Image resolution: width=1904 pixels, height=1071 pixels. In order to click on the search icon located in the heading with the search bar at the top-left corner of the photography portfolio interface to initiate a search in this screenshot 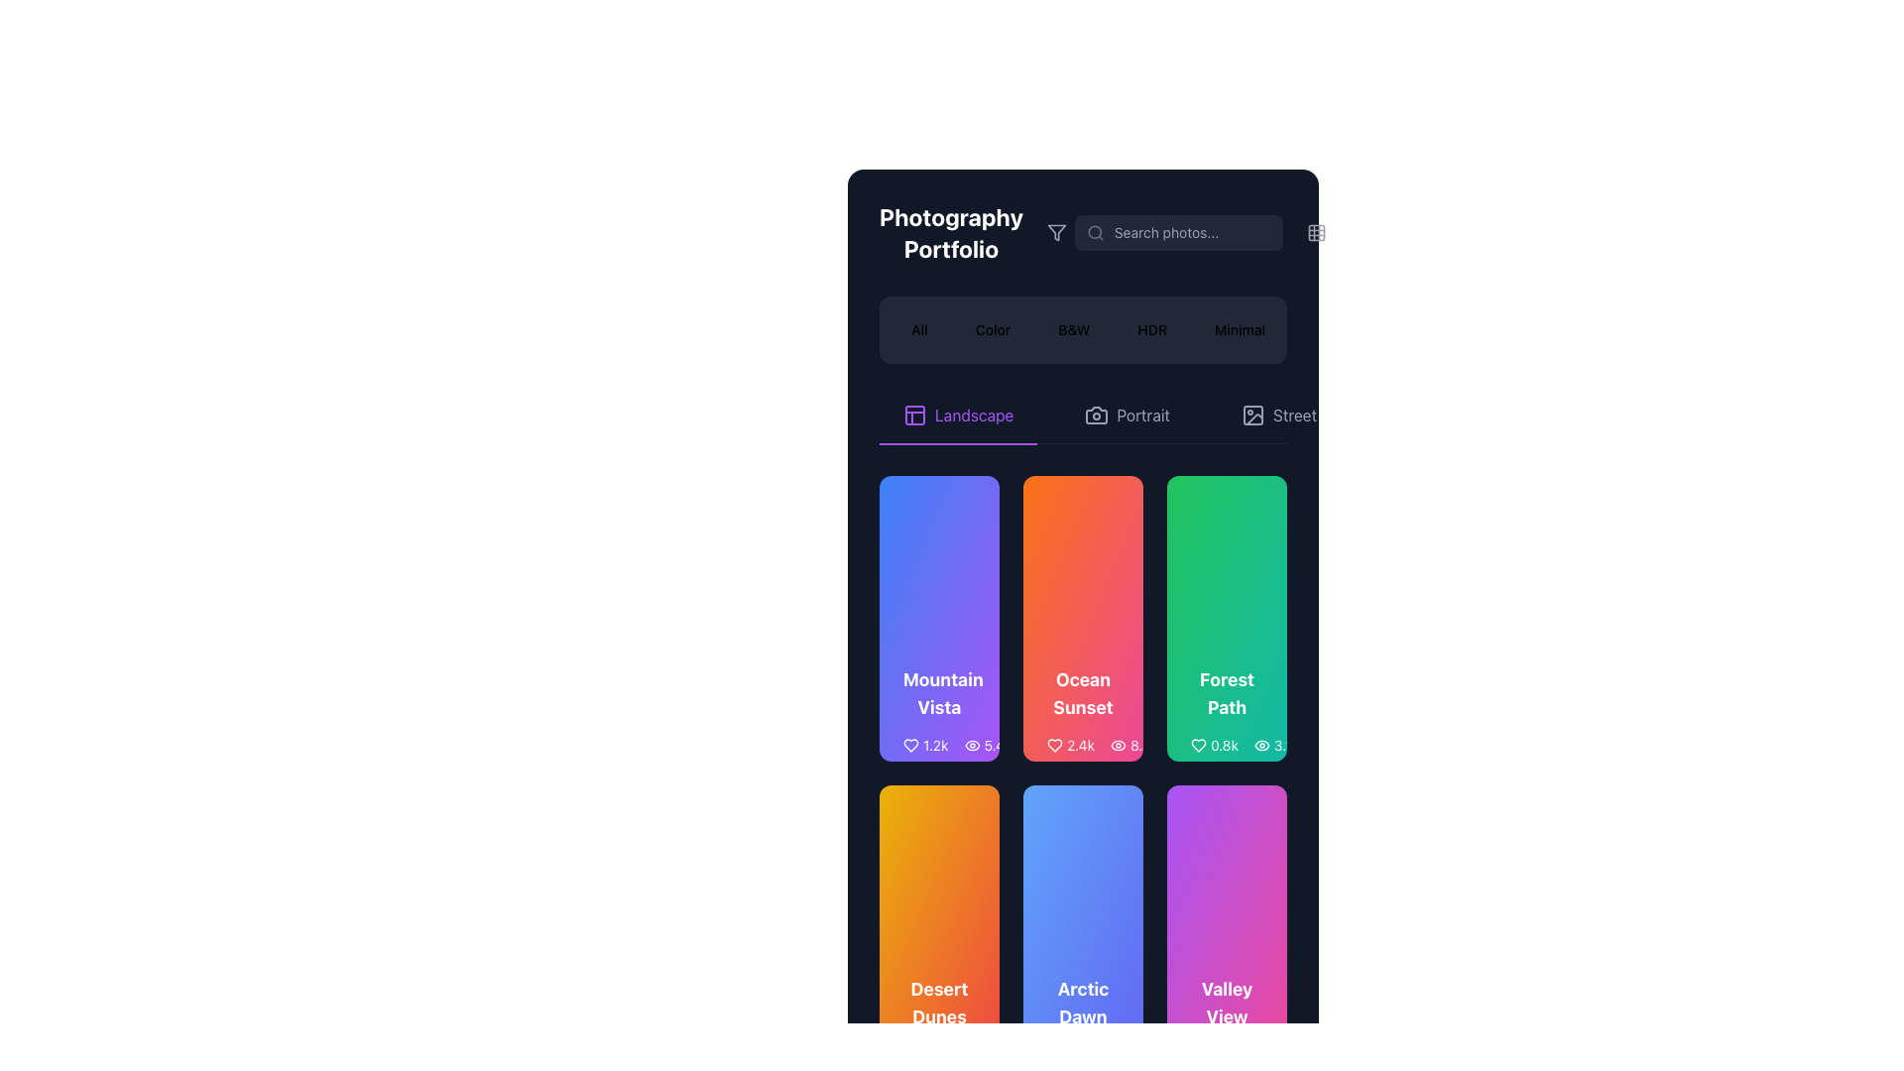, I will do `click(1082, 232)`.